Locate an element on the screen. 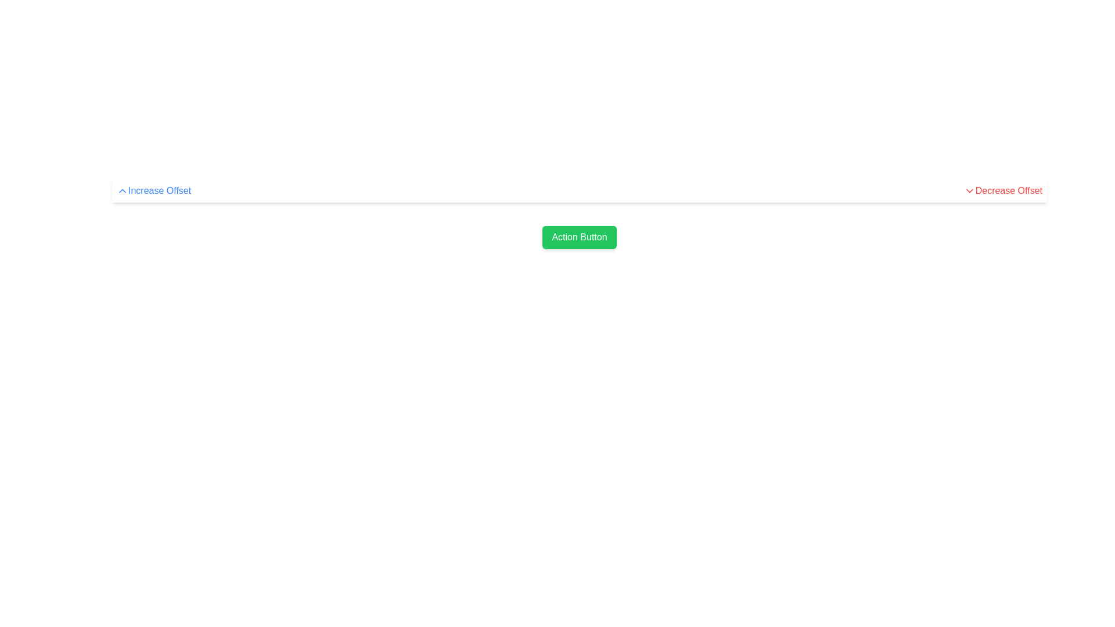 The height and width of the screenshot is (627, 1115). the 'Action Button', a green rectangular button with bold white text is located at coordinates (580, 236).